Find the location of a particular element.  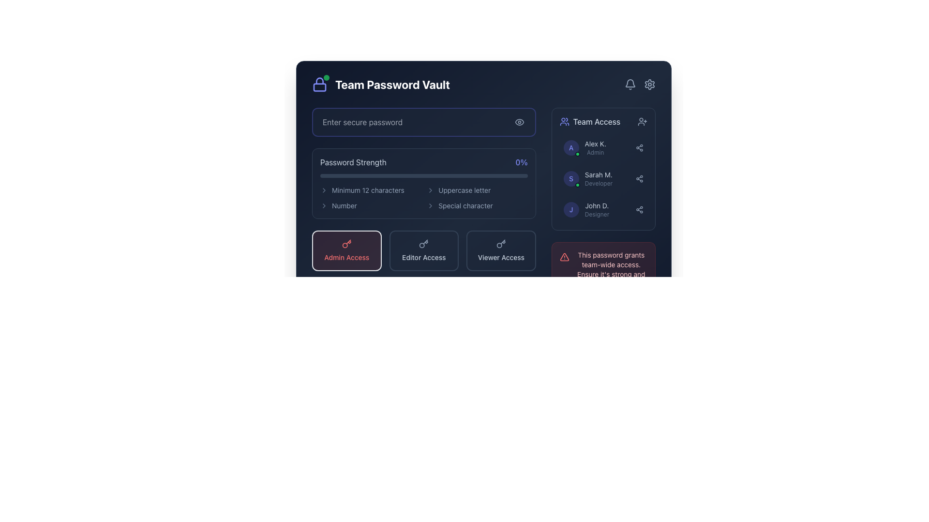

the alert icon located in the bottom-right corner of the interface, which is embedded within a red box indicating cautionary information is located at coordinates (564, 257).